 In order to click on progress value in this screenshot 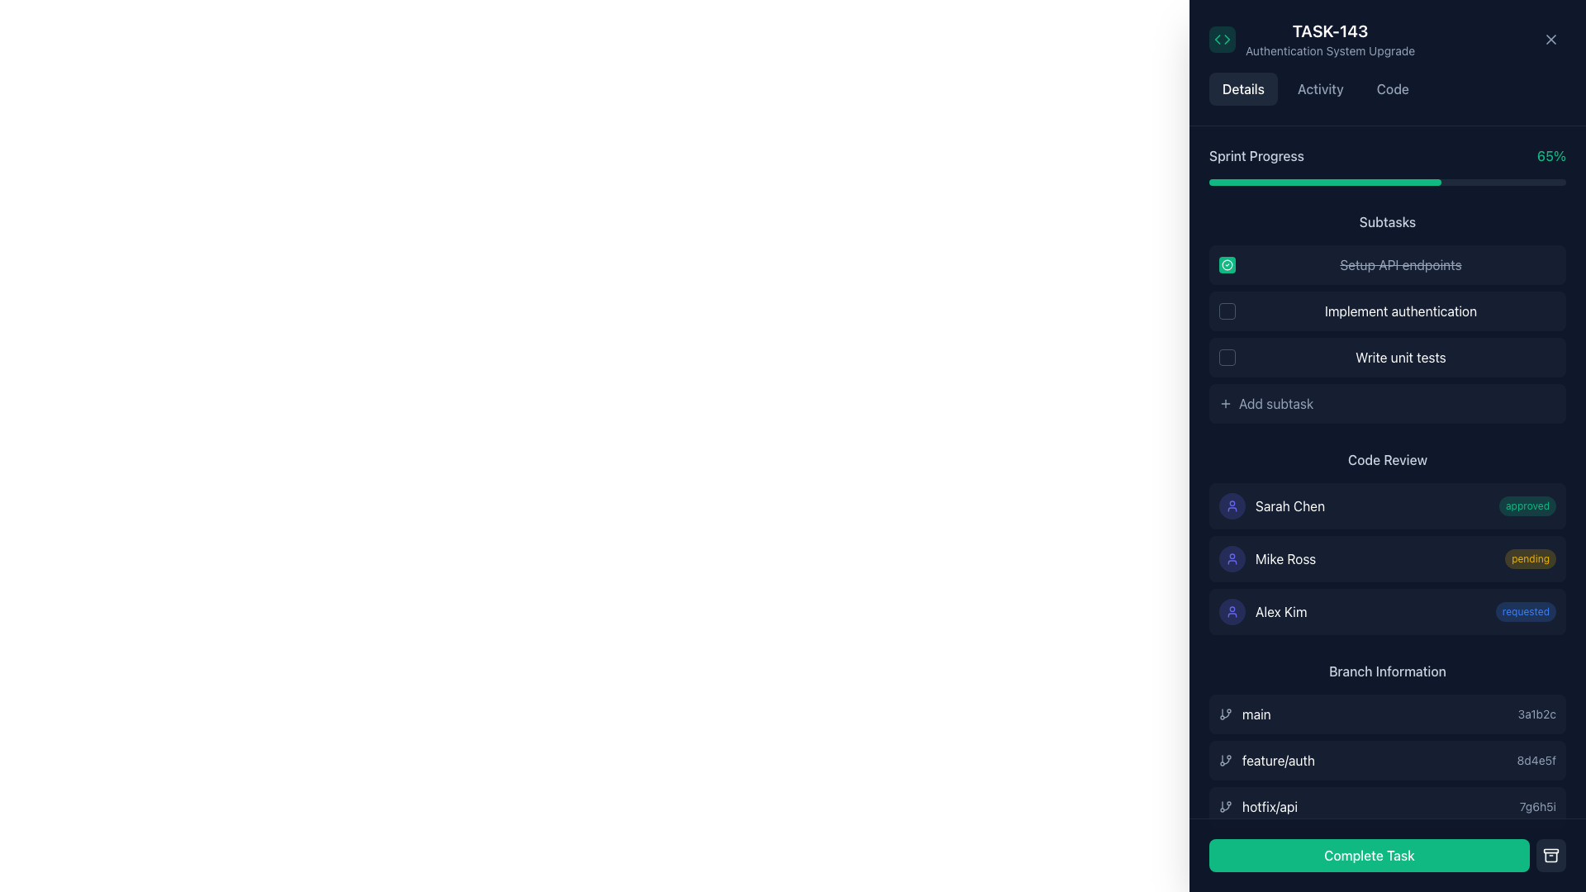, I will do `click(1216, 182)`.